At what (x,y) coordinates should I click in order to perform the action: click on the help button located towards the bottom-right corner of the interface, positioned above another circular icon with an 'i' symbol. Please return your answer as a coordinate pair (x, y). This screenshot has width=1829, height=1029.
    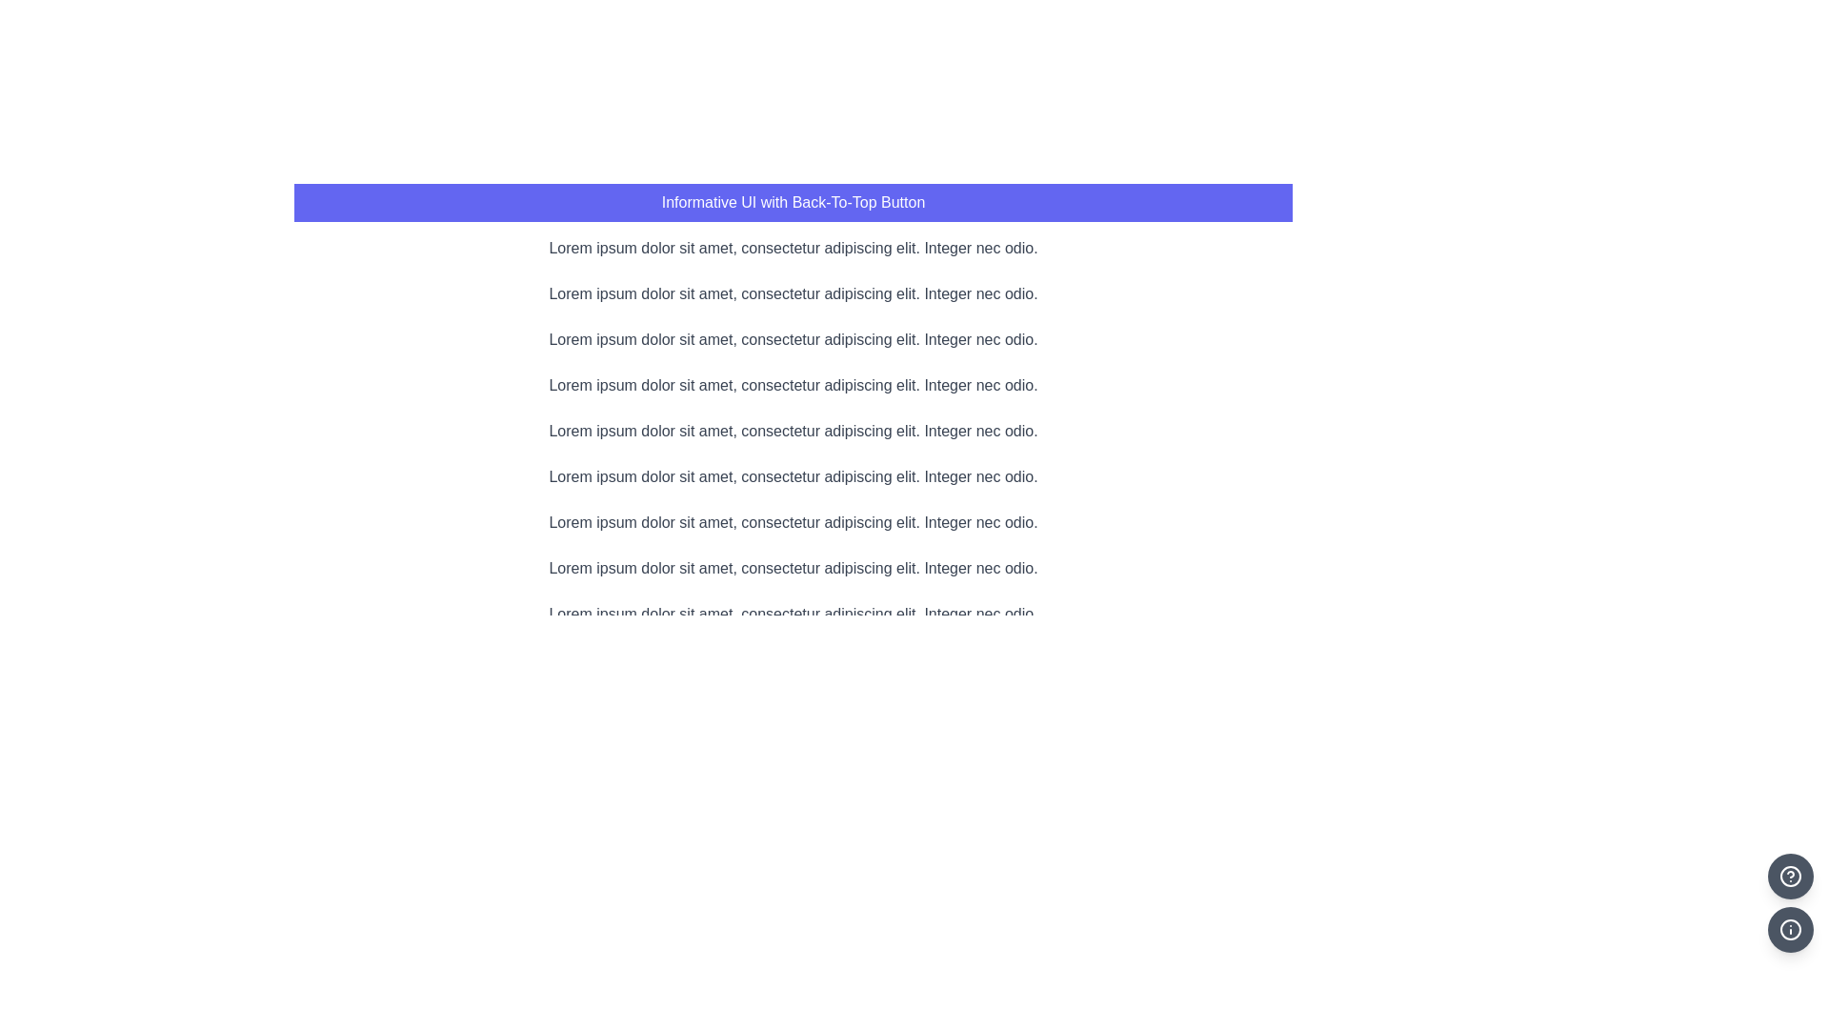
    Looking at the image, I should click on (1790, 877).